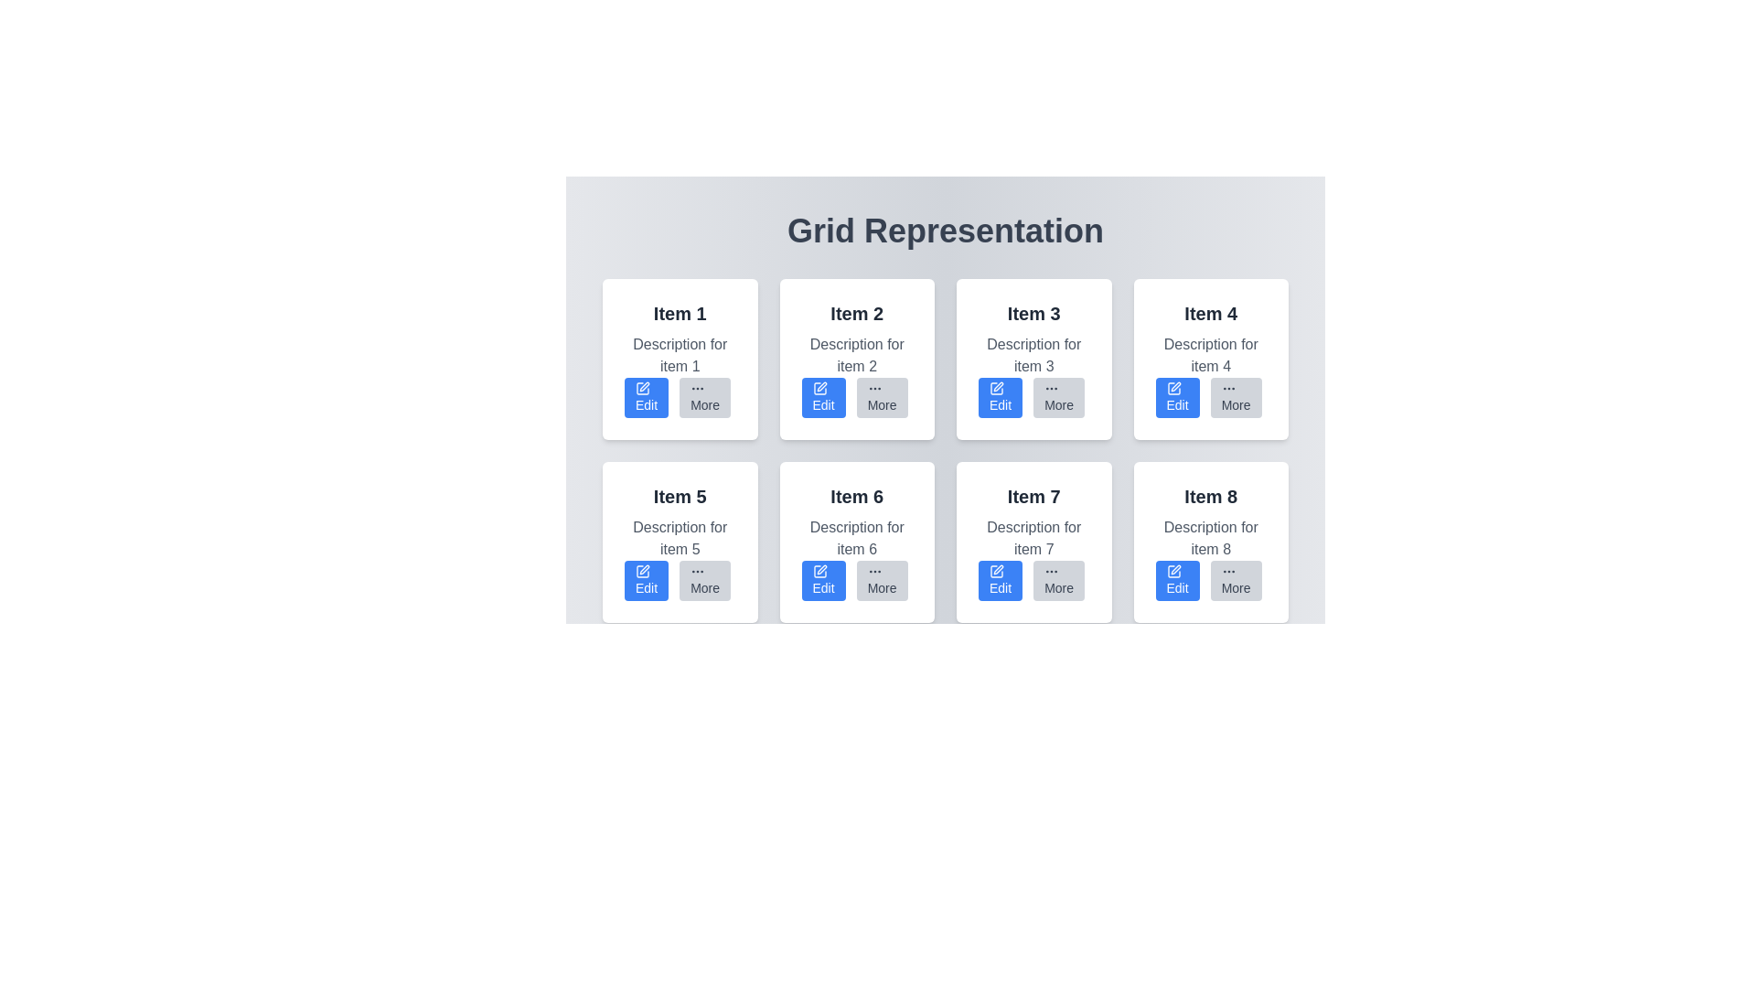 This screenshot has height=988, width=1756. Describe the element at coordinates (1173, 570) in the screenshot. I see `the pen-shaped icon within the 'Edit' button located in the last card of the grid (Item 8)` at that location.